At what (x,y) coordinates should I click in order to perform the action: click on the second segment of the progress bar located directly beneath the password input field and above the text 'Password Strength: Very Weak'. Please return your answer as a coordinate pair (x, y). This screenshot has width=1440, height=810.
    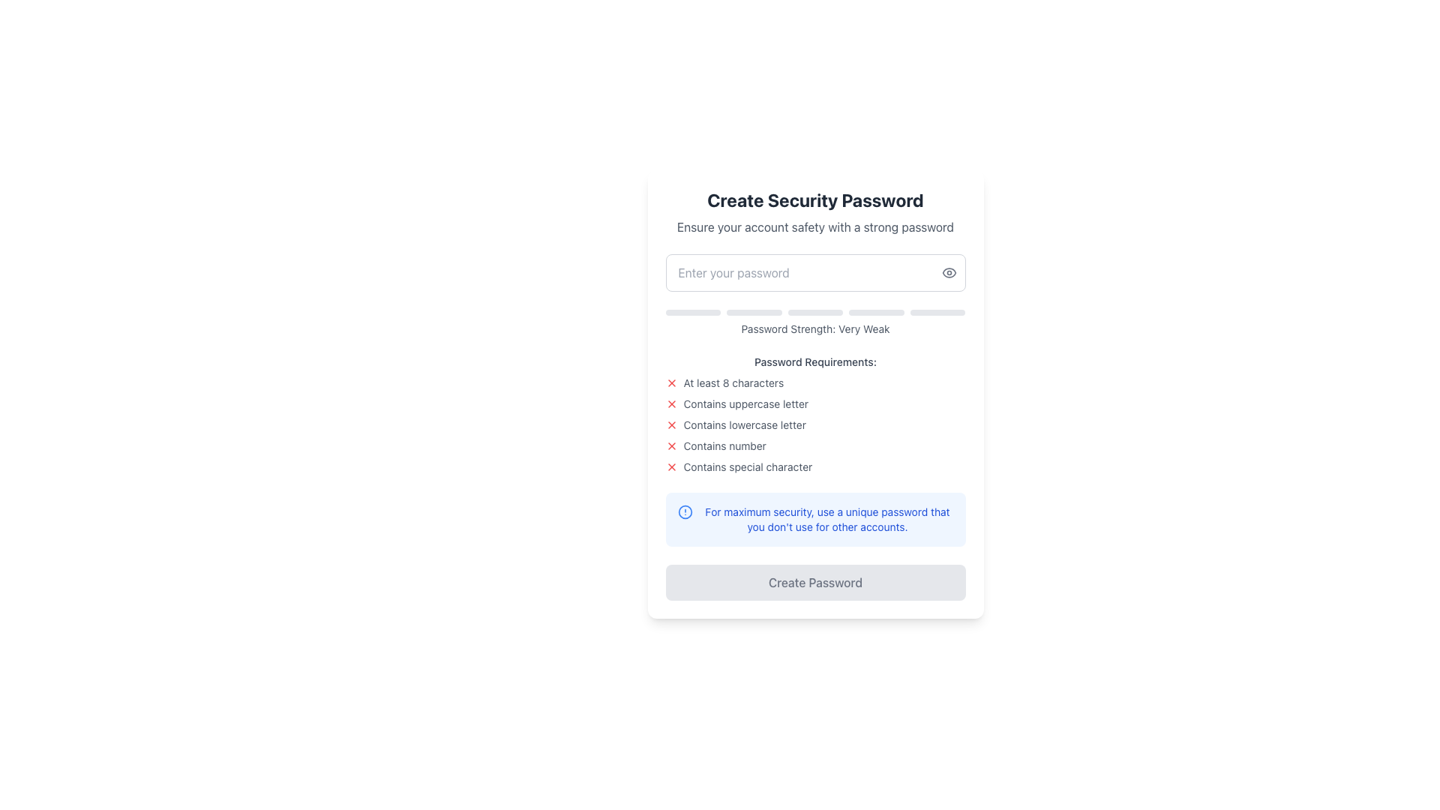
    Looking at the image, I should click on (754, 311).